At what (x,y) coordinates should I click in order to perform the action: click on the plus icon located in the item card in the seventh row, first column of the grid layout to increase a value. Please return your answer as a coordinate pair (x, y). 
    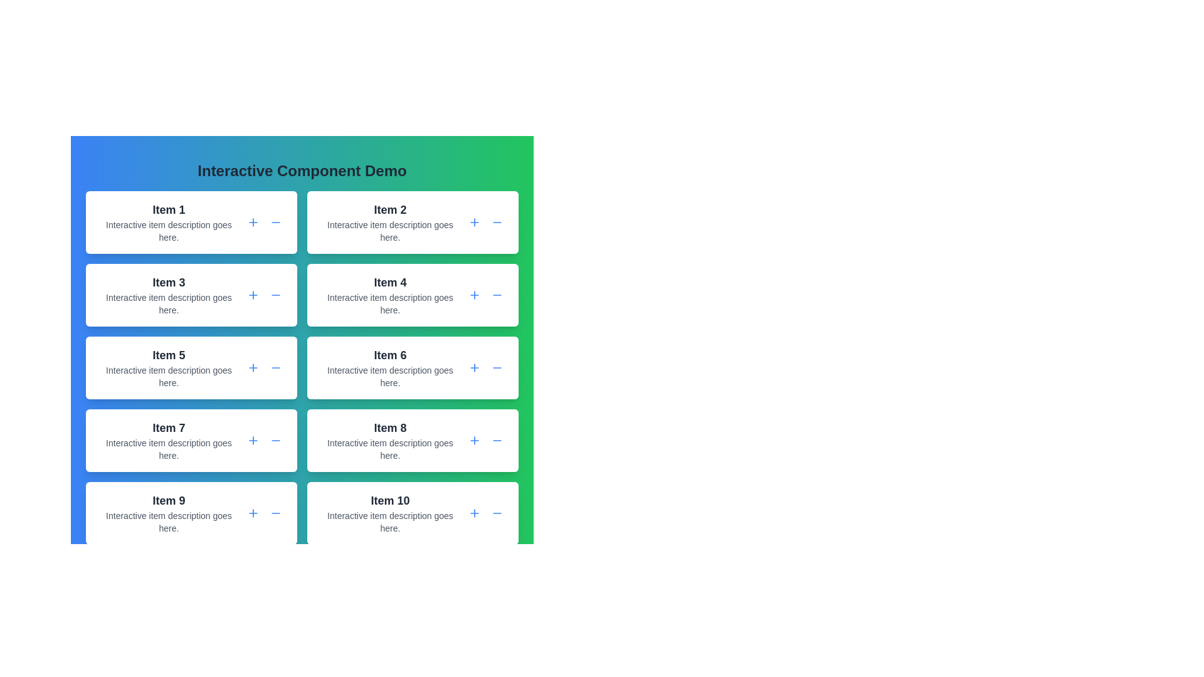
    Looking at the image, I should click on (191, 439).